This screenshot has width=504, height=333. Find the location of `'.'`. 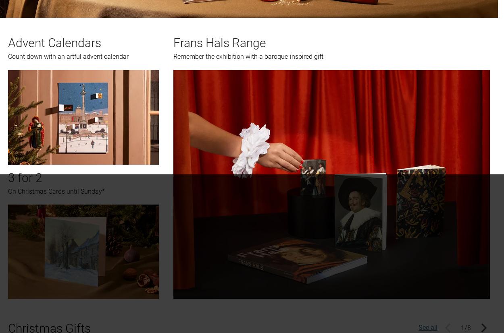

'.' is located at coordinates (334, 69).